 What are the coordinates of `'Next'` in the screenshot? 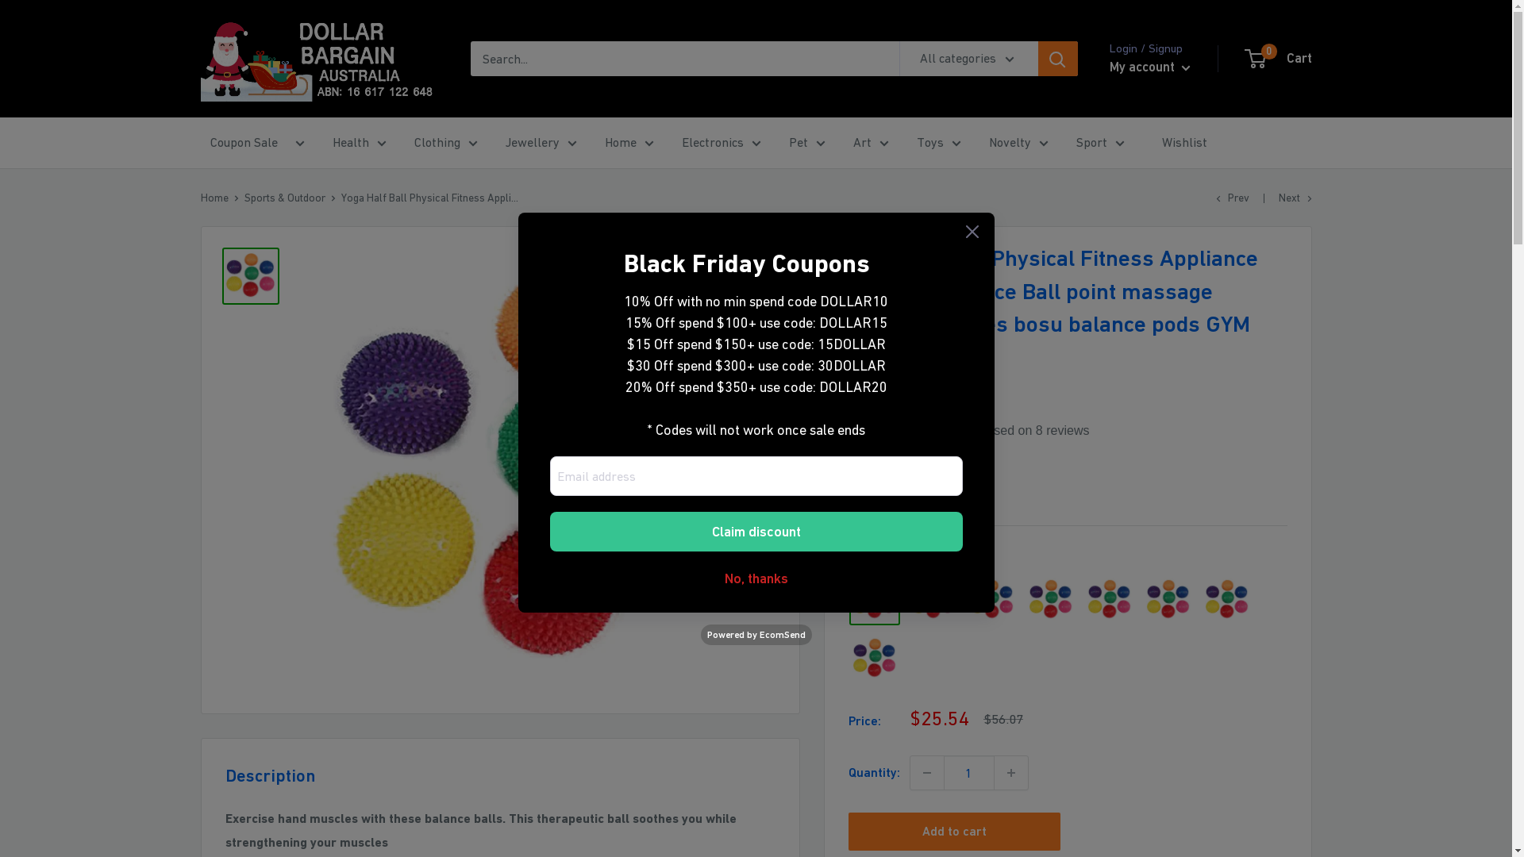 It's located at (1295, 197).